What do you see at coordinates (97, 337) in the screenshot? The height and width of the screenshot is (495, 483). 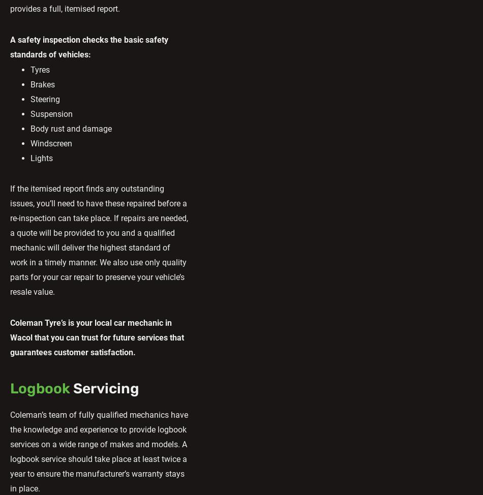 I see `'Coleman Tyre’s is your local car mechanic in Wacol that you can trust for future services that guarantees customer satisfaction.'` at bounding box center [97, 337].